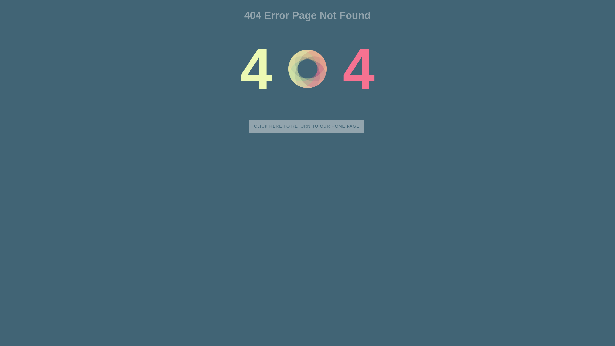  I want to click on 'CLICK HERE TO RETURN TO OUR HOME PAGE', so click(306, 126).